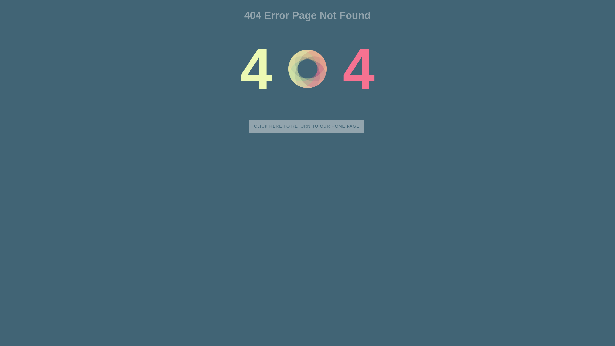  I want to click on 'CLICK HERE TO RETURN TO OUR HOME PAGE', so click(306, 126).